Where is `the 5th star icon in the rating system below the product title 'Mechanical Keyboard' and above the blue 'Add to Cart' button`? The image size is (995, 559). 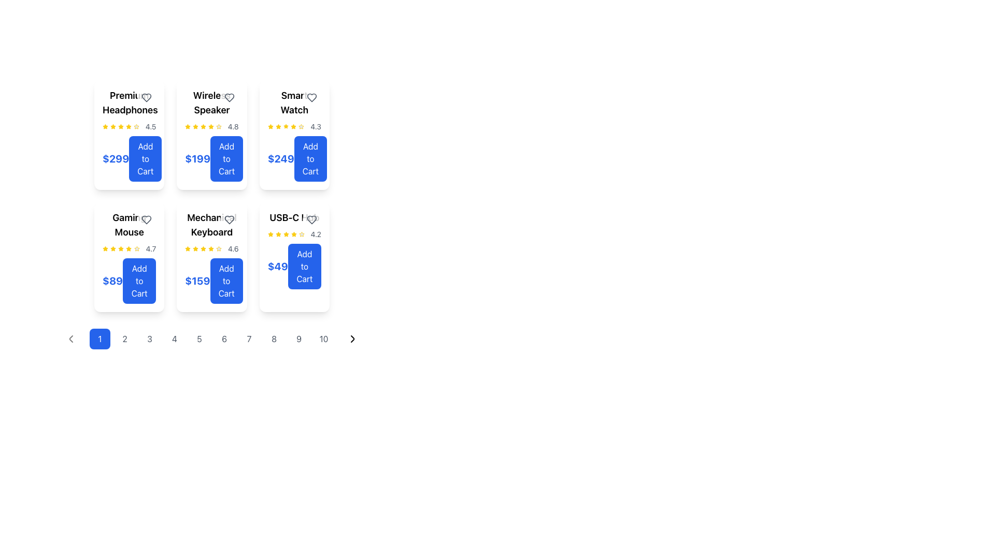 the 5th star icon in the rating system below the product title 'Mechanical Keyboard' and above the blue 'Add to Cart' button is located at coordinates (218, 249).